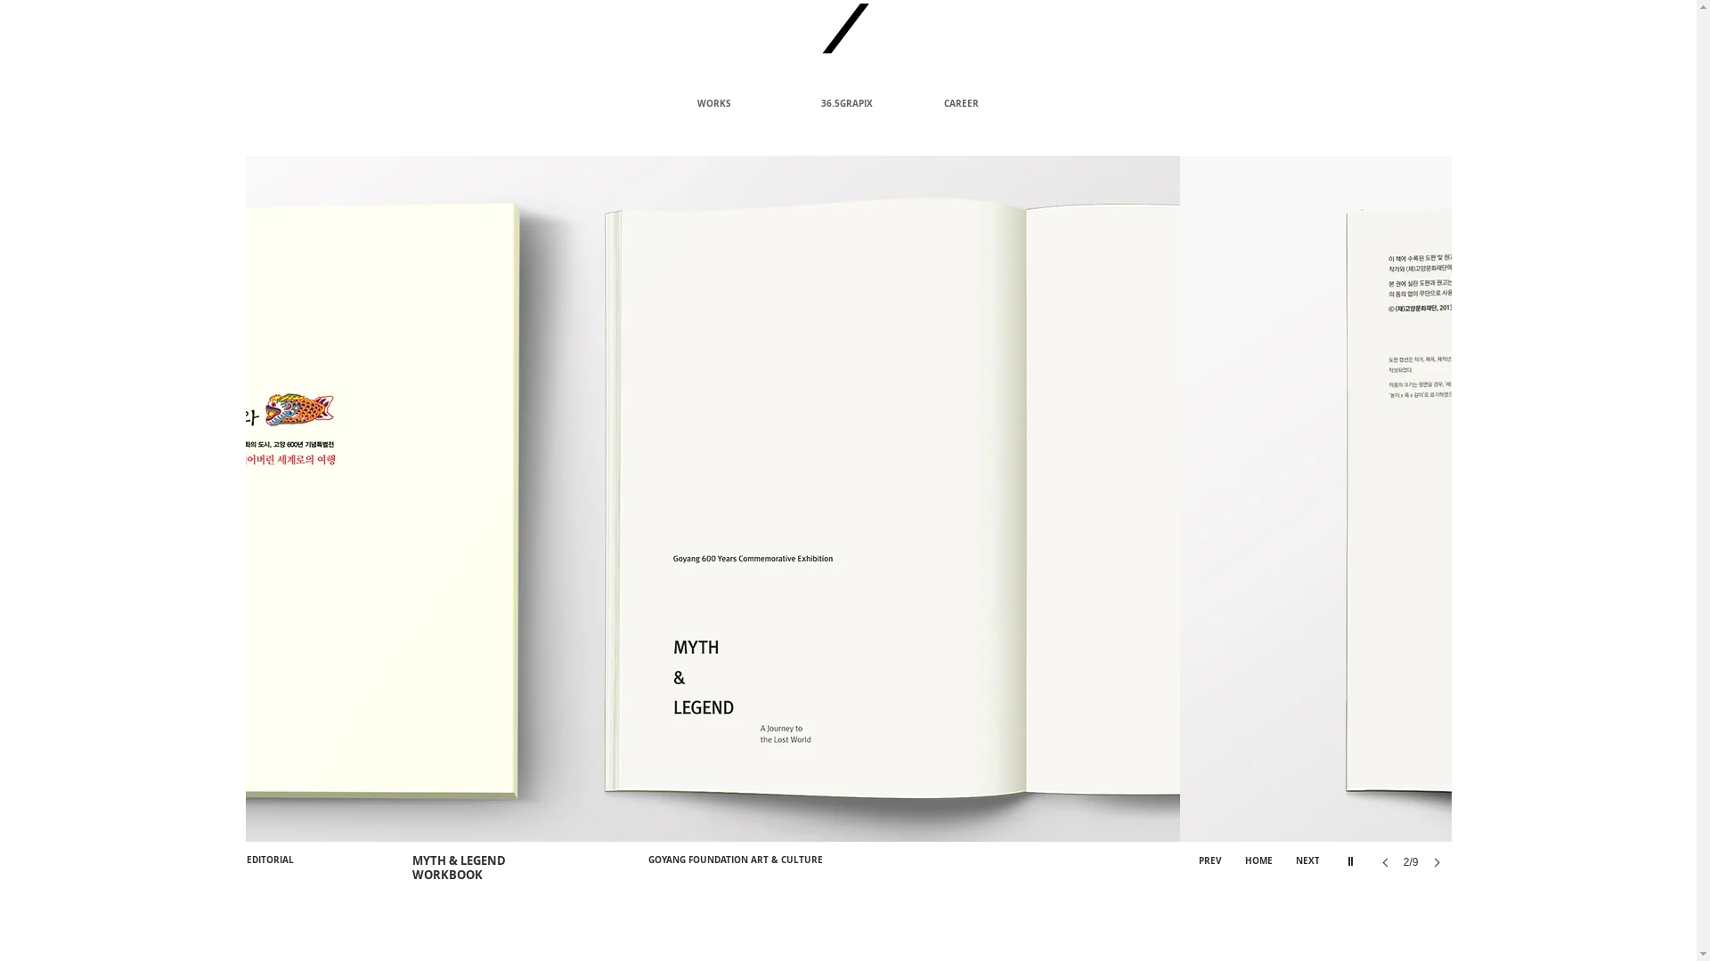 This screenshot has width=1710, height=961. What do you see at coordinates (867, 103) in the screenshot?
I see `'36.5GRAPIX'` at bounding box center [867, 103].